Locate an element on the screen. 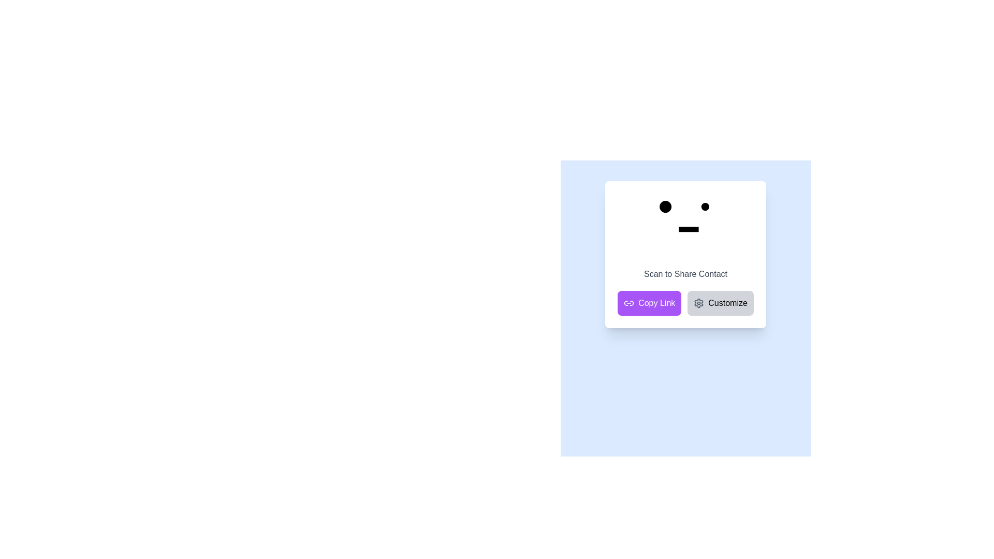  the rectangular button with a purple background and white text labeled 'Copy Link' is located at coordinates (649, 303).